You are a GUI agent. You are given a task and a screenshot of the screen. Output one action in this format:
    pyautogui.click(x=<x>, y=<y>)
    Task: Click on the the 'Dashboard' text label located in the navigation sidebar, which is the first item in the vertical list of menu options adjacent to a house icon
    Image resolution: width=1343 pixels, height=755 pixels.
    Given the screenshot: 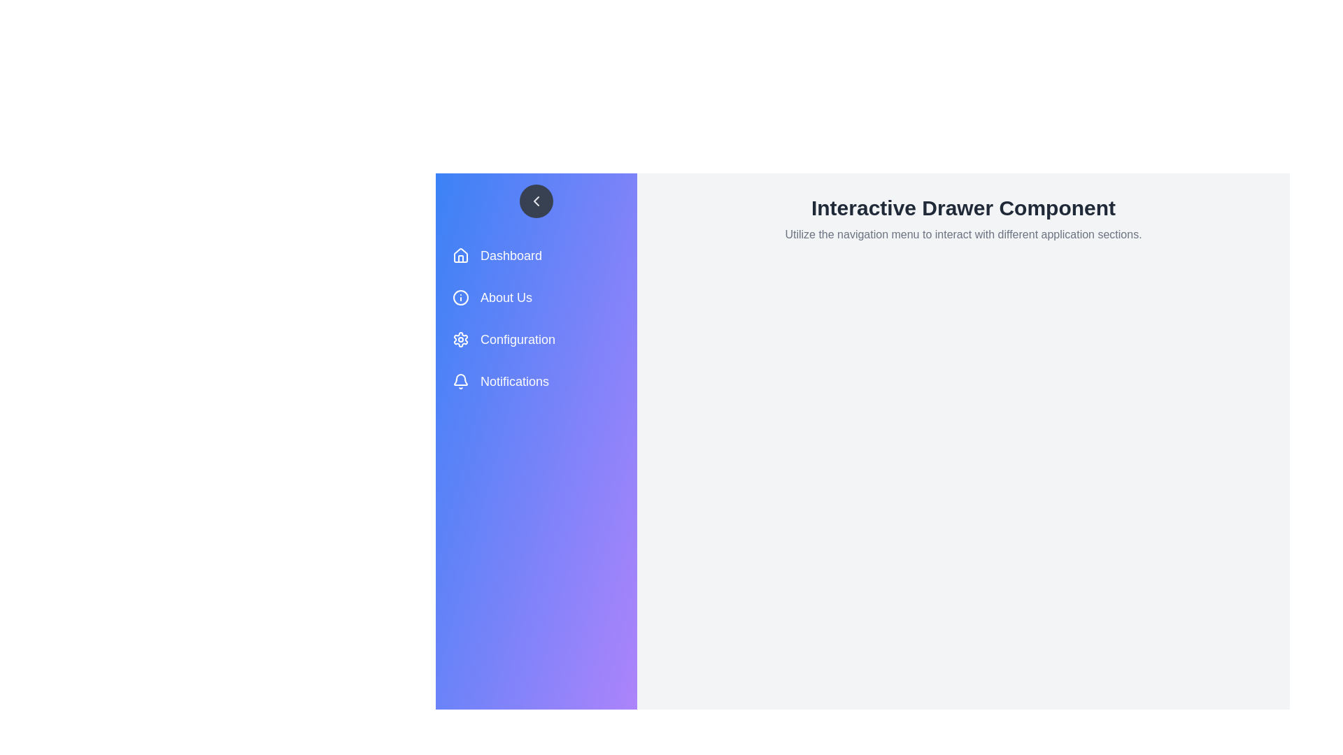 What is the action you would take?
    pyautogui.click(x=510, y=256)
    